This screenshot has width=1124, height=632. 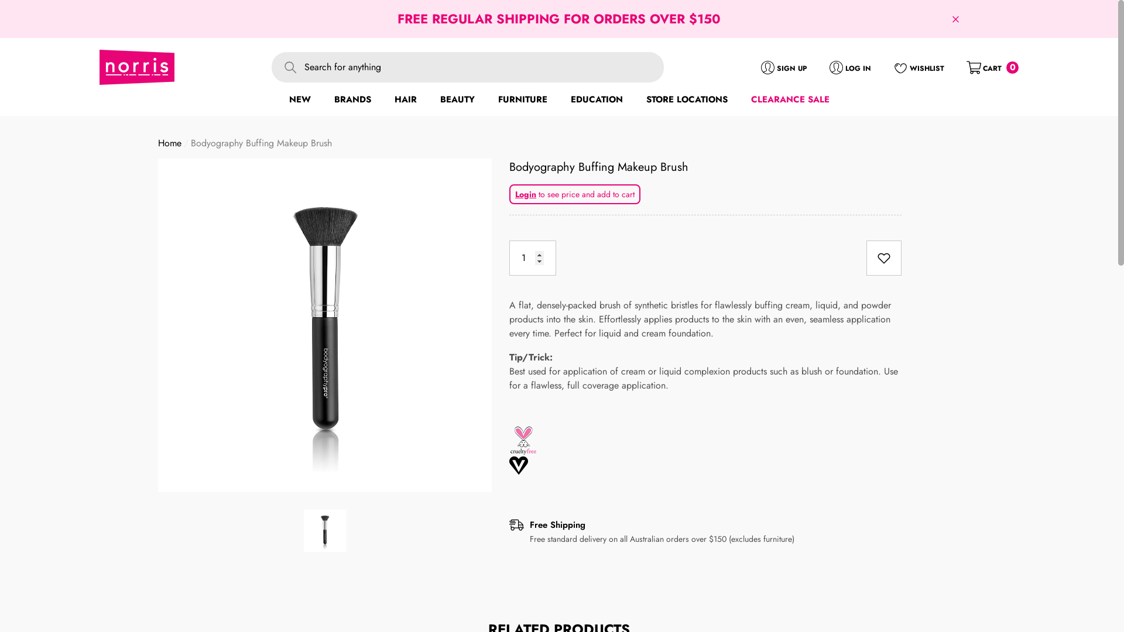 What do you see at coordinates (525, 193) in the screenshot?
I see `'Login'` at bounding box center [525, 193].